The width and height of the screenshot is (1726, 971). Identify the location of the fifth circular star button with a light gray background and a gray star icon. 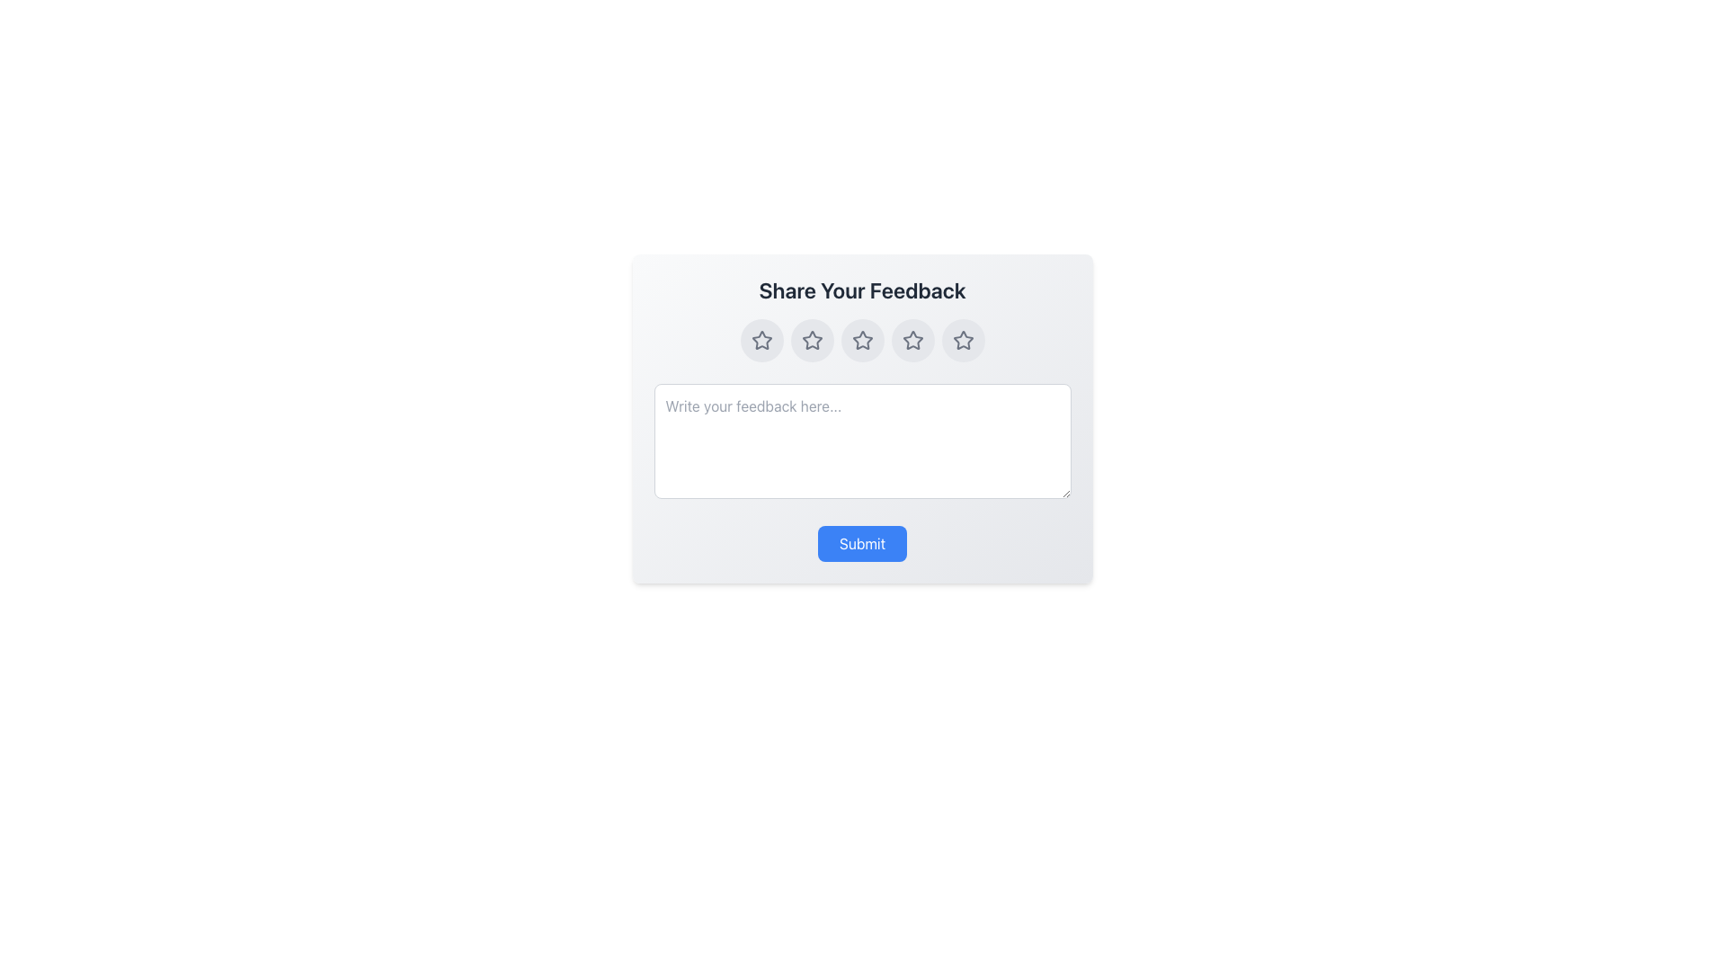
(962, 340).